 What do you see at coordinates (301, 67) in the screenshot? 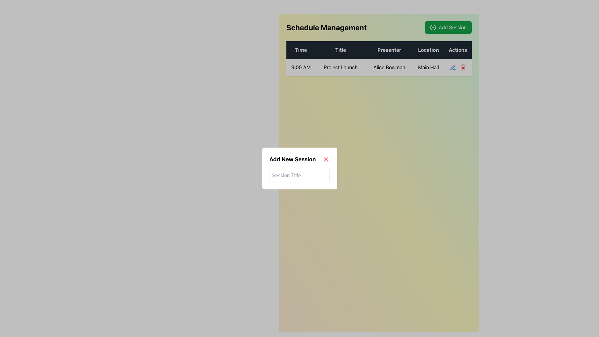
I see `the text label displaying '9:00 AM' located in the first row and first column of the table under the 'Schedule Management' header` at bounding box center [301, 67].